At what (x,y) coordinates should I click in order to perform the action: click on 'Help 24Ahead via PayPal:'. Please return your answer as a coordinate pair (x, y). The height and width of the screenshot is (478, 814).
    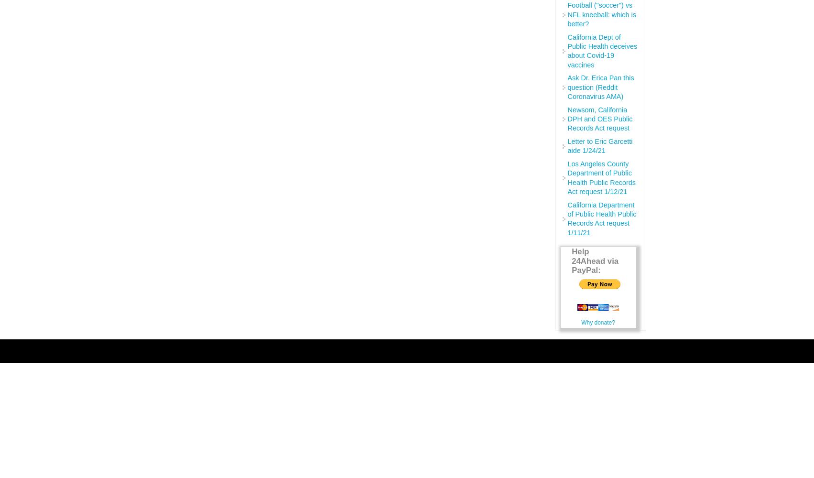
    Looking at the image, I should click on (571, 261).